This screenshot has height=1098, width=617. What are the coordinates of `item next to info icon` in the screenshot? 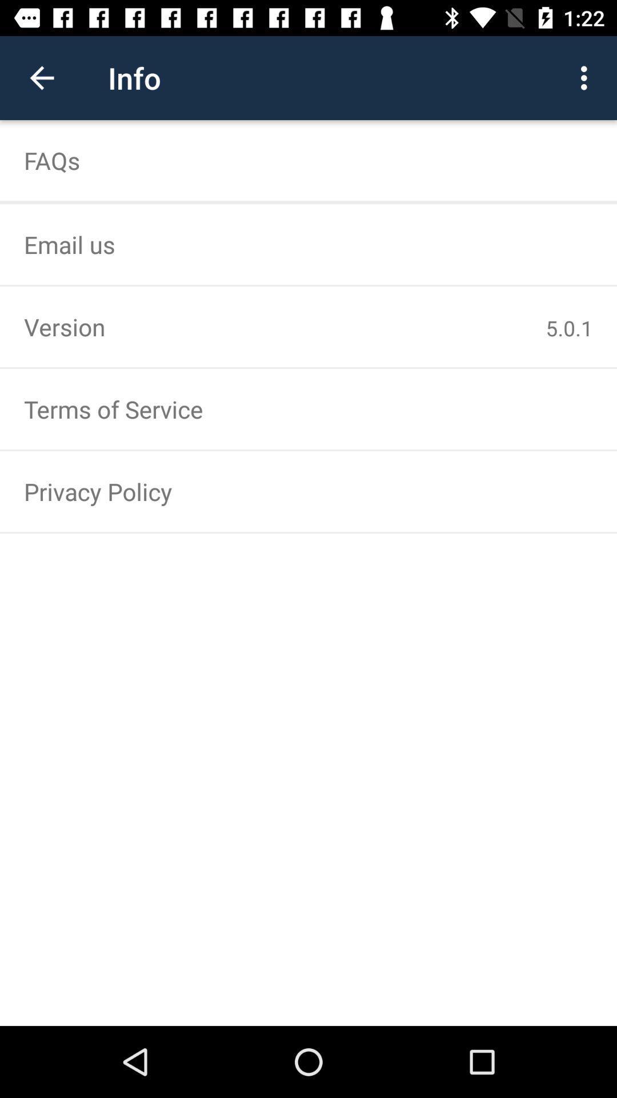 It's located at (41, 77).